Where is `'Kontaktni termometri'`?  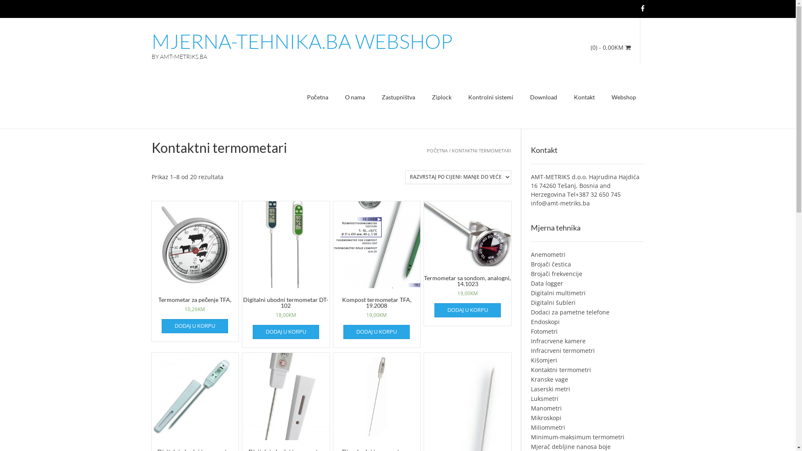 'Kontaktni termometri' is located at coordinates (561, 369).